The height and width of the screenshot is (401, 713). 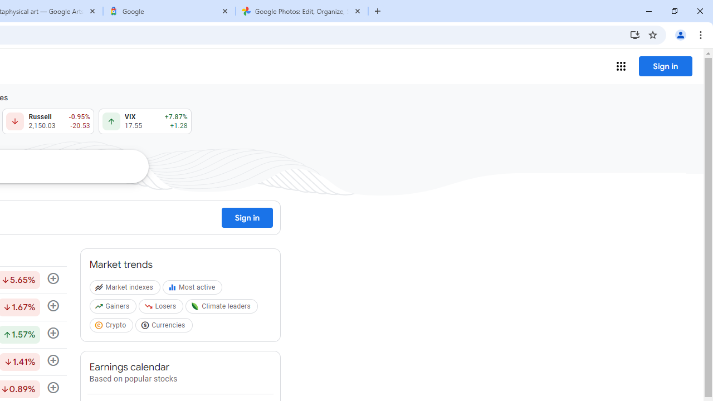 What do you see at coordinates (195, 306) in the screenshot?
I see `'GLeaf logo'` at bounding box center [195, 306].